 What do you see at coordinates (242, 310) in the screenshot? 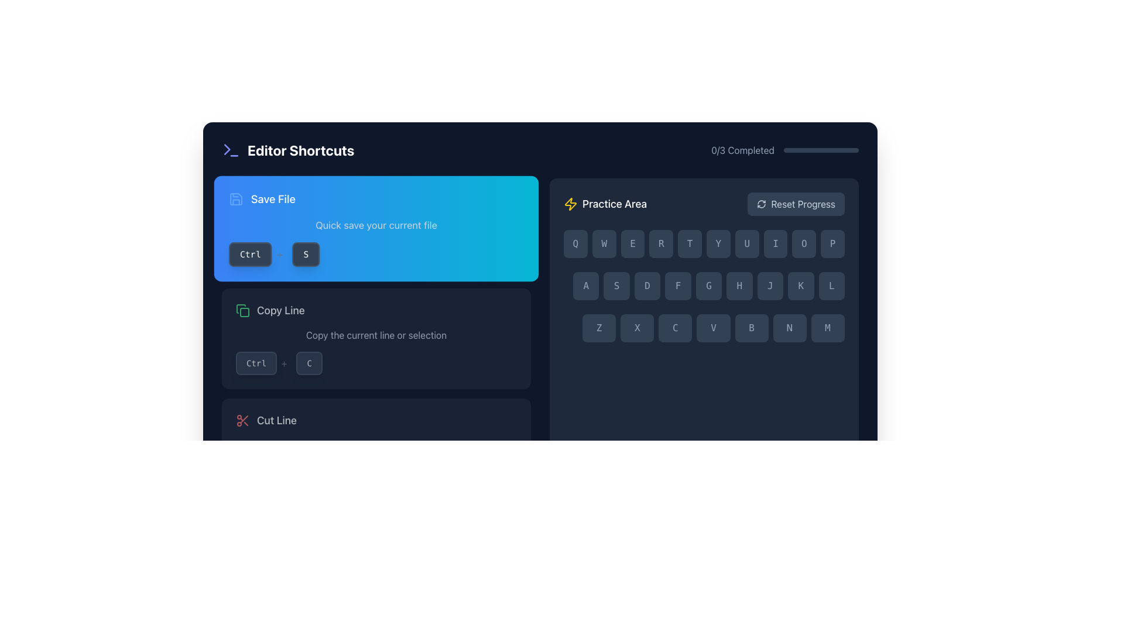
I see `the copy function icon located on the left side of the 'Copy Line' text to enhance user comprehension` at bounding box center [242, 310].